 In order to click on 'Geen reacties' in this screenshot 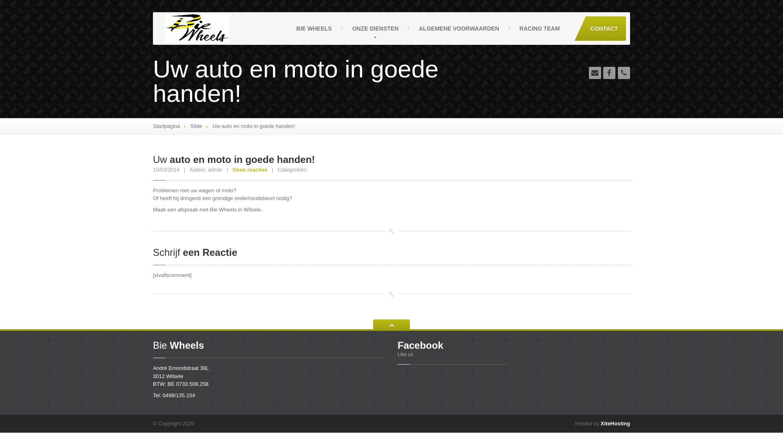, I will do `click(249, 169)`.